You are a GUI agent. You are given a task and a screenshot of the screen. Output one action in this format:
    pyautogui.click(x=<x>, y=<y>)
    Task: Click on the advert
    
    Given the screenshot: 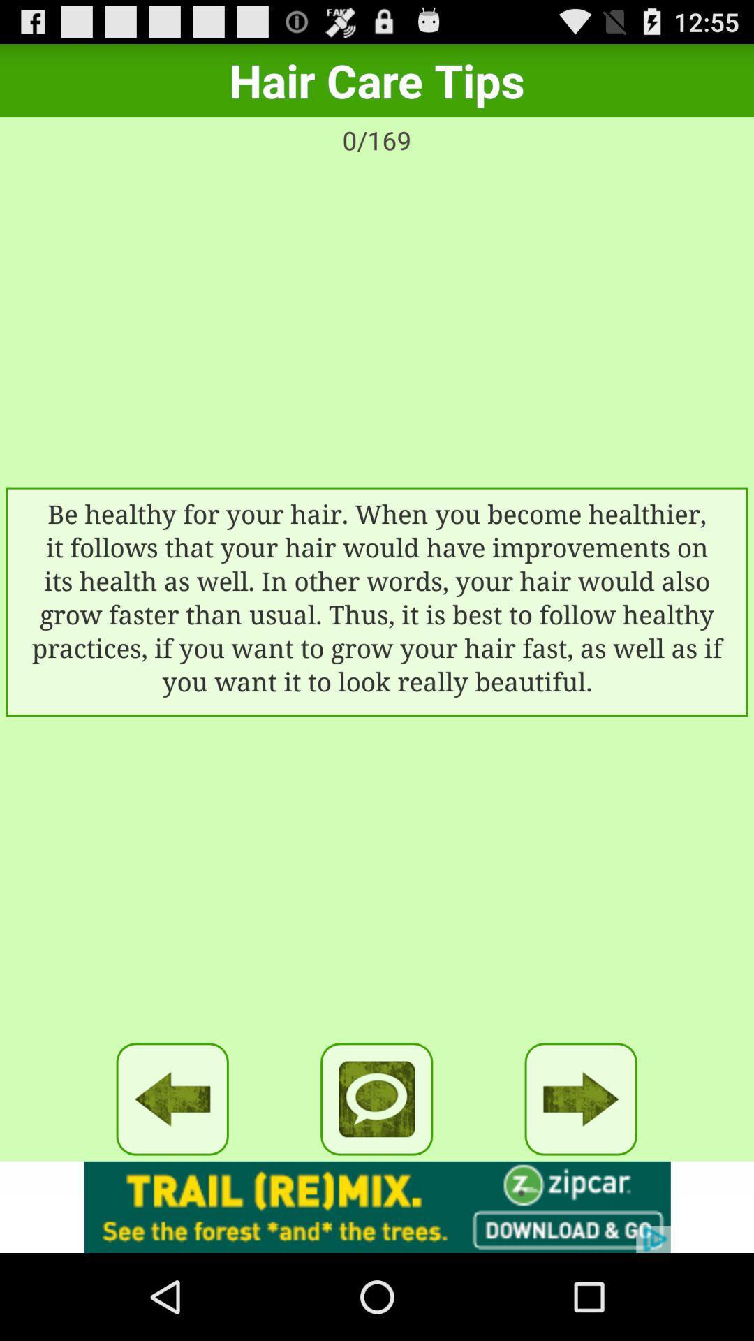 What is the action you would take?
    pyautogui.click(x=377, y=1206)
    